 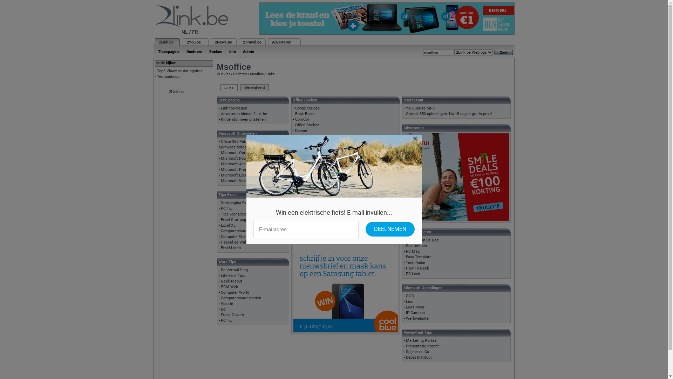 What do you see at coordinates (244, 113) in the screenshot?
I see `'Adverteren binnen 2link.be'` at bounding box center [244, 113].